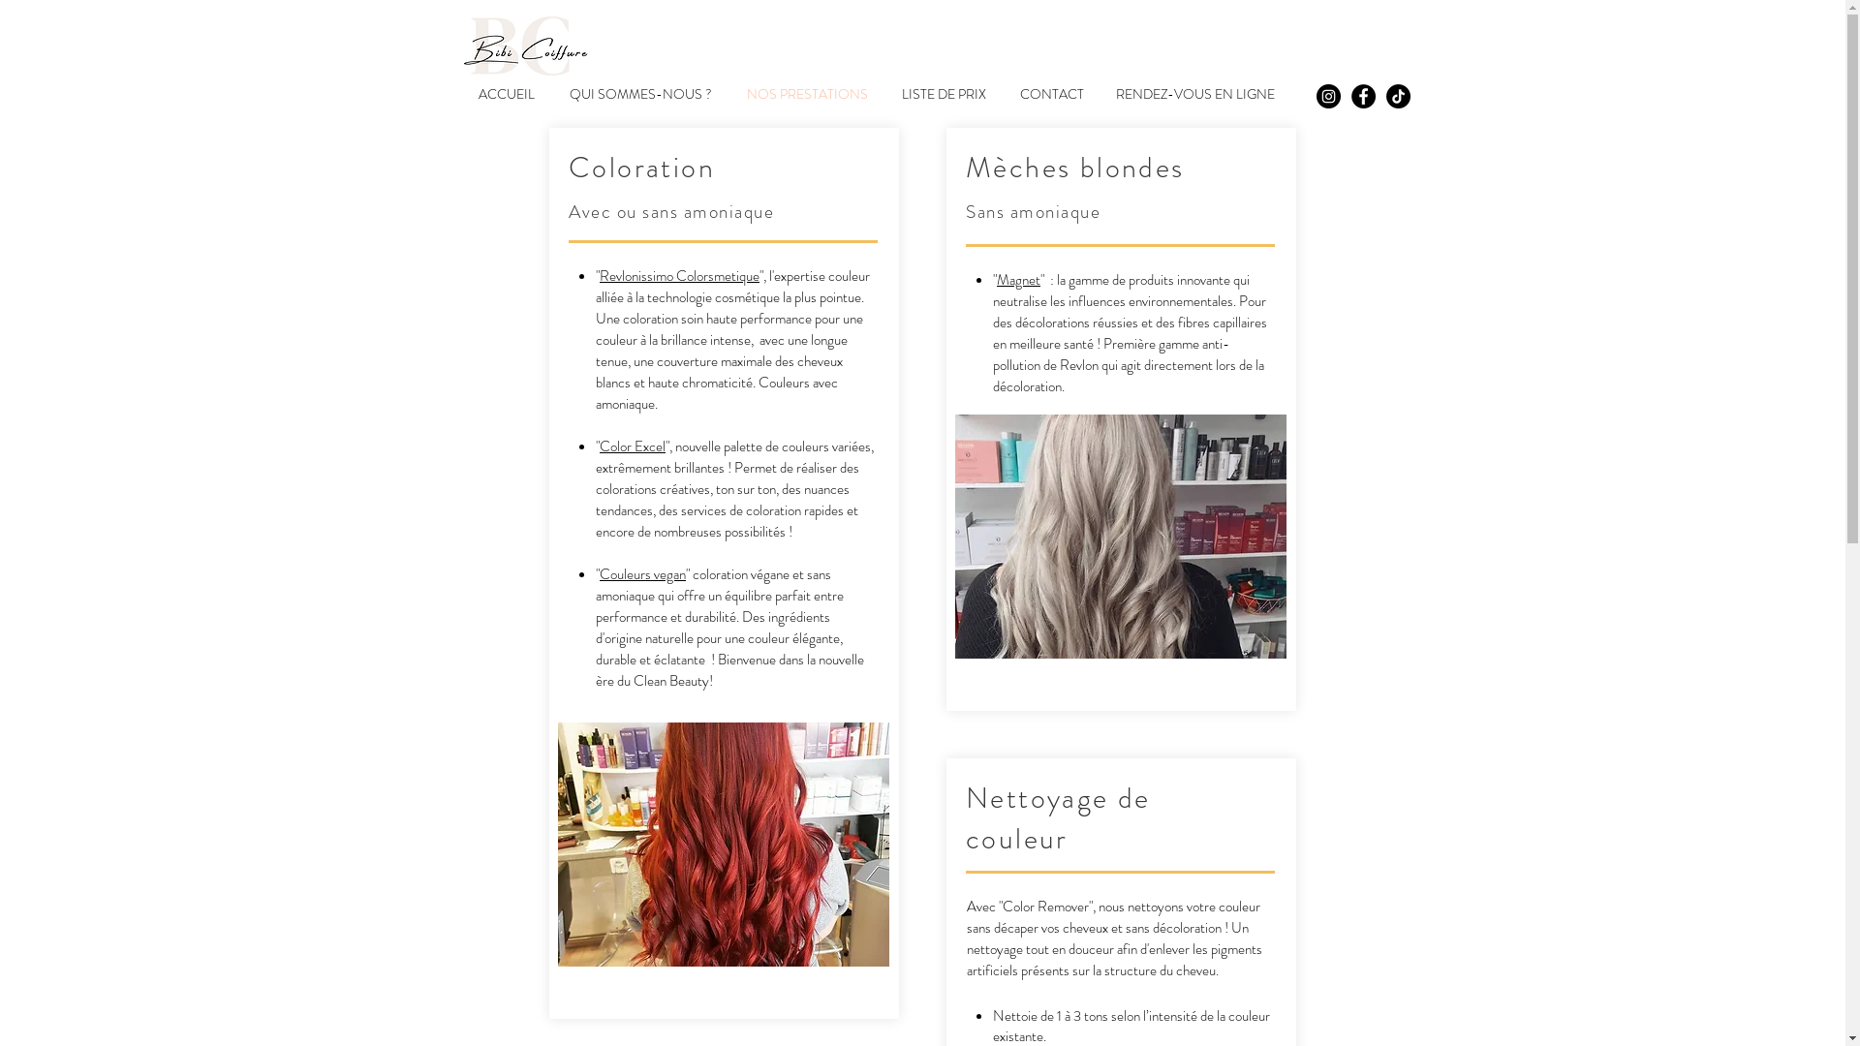  What do you see at coordinates (1053, 94) in the screenshot?
I see `'CONTACT'` at bounding box center [1053, 94].